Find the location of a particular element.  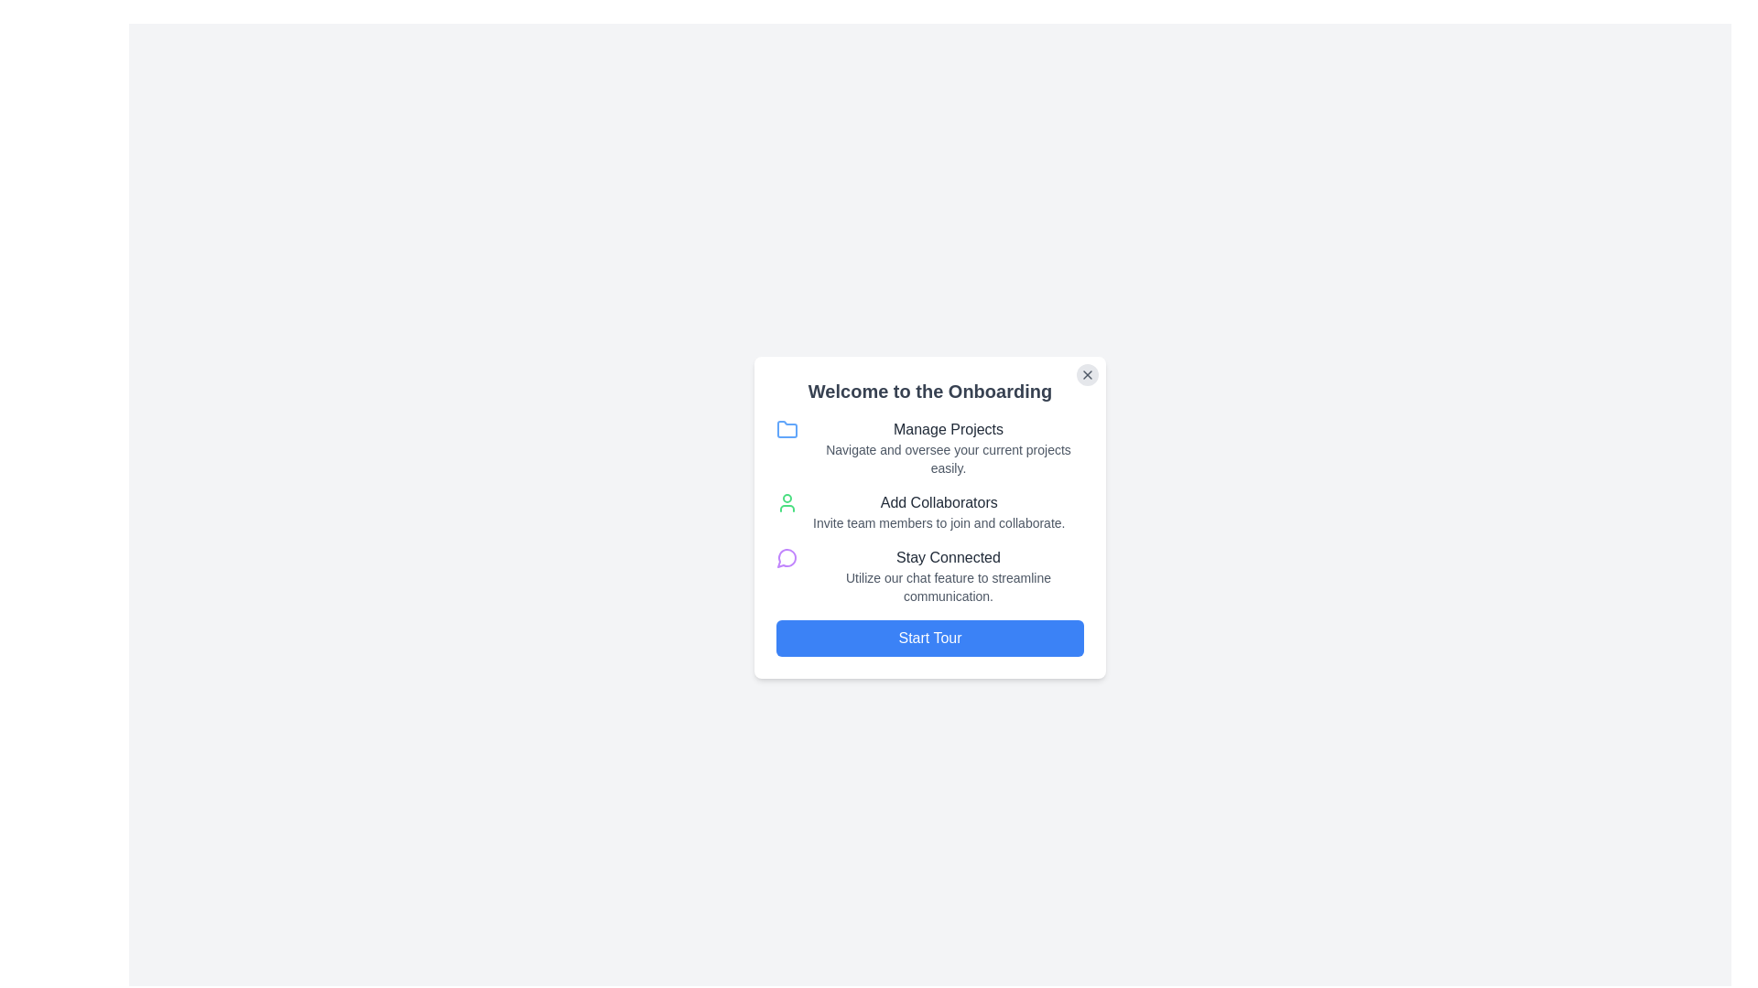

the decorative icon resembling a conversation bubble with a violet outline, located to the left of the text 'Stay Connected' in the modal dialogue box is located at coordinates (787, 556).